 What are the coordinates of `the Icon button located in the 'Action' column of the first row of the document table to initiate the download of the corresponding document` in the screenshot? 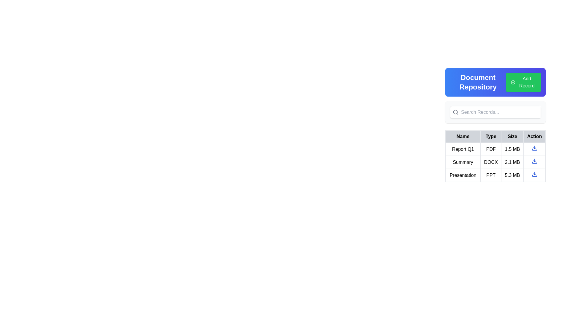 It's located at (534, 148).